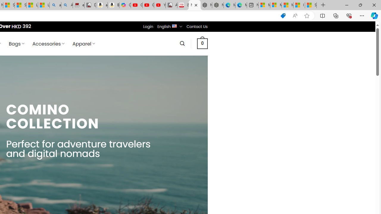 The image size is (381, 214). Describe the element at coordinates (148, 26) in the screenshot. I see `'Login'` at that location.